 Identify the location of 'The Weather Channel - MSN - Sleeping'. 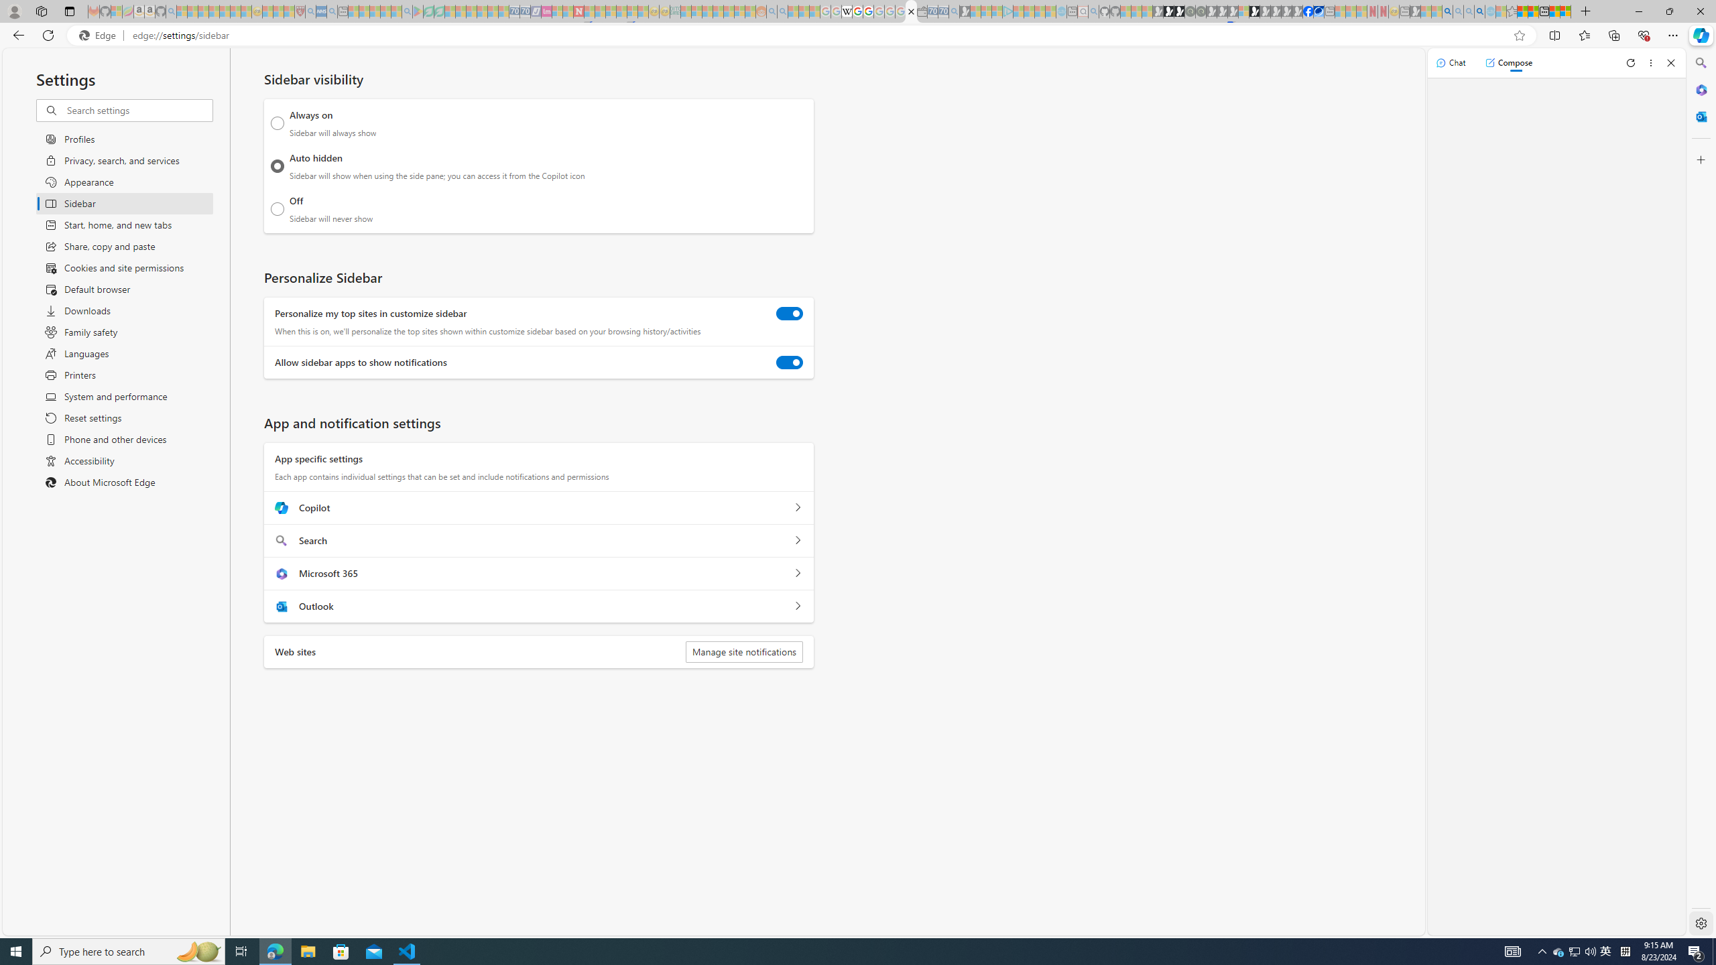
(202, 11).